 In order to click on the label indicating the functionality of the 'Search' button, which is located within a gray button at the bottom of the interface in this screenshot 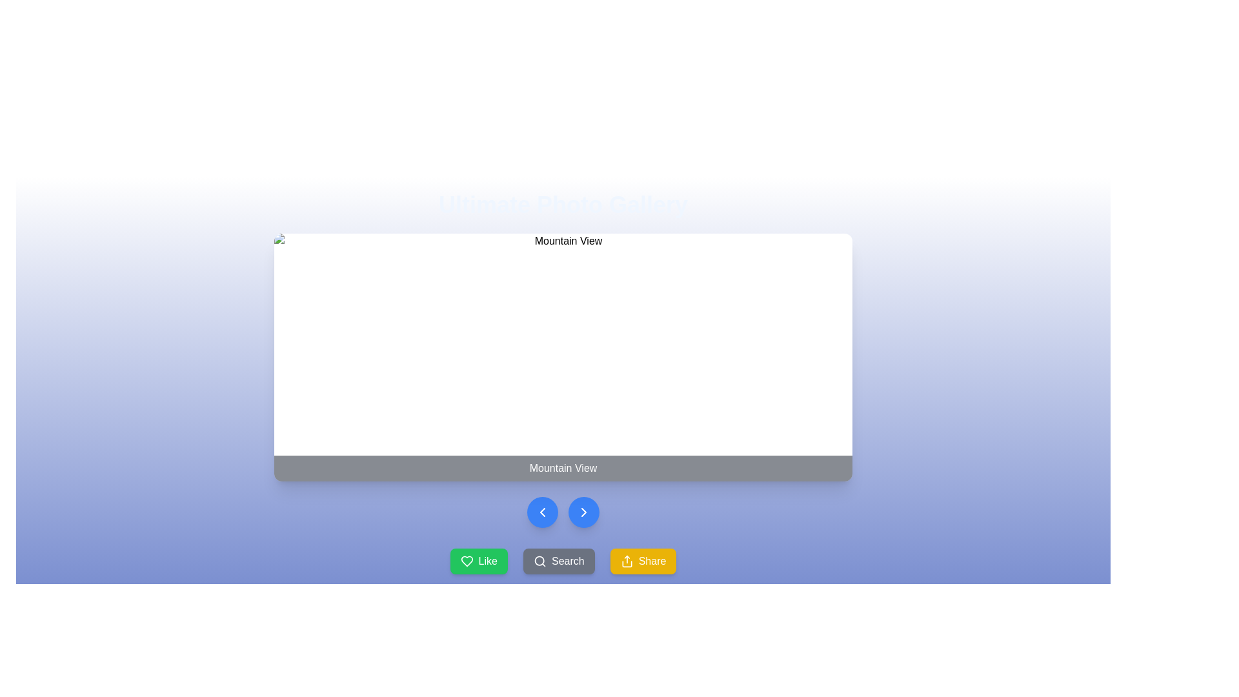, I will do `click(568, 561)`.